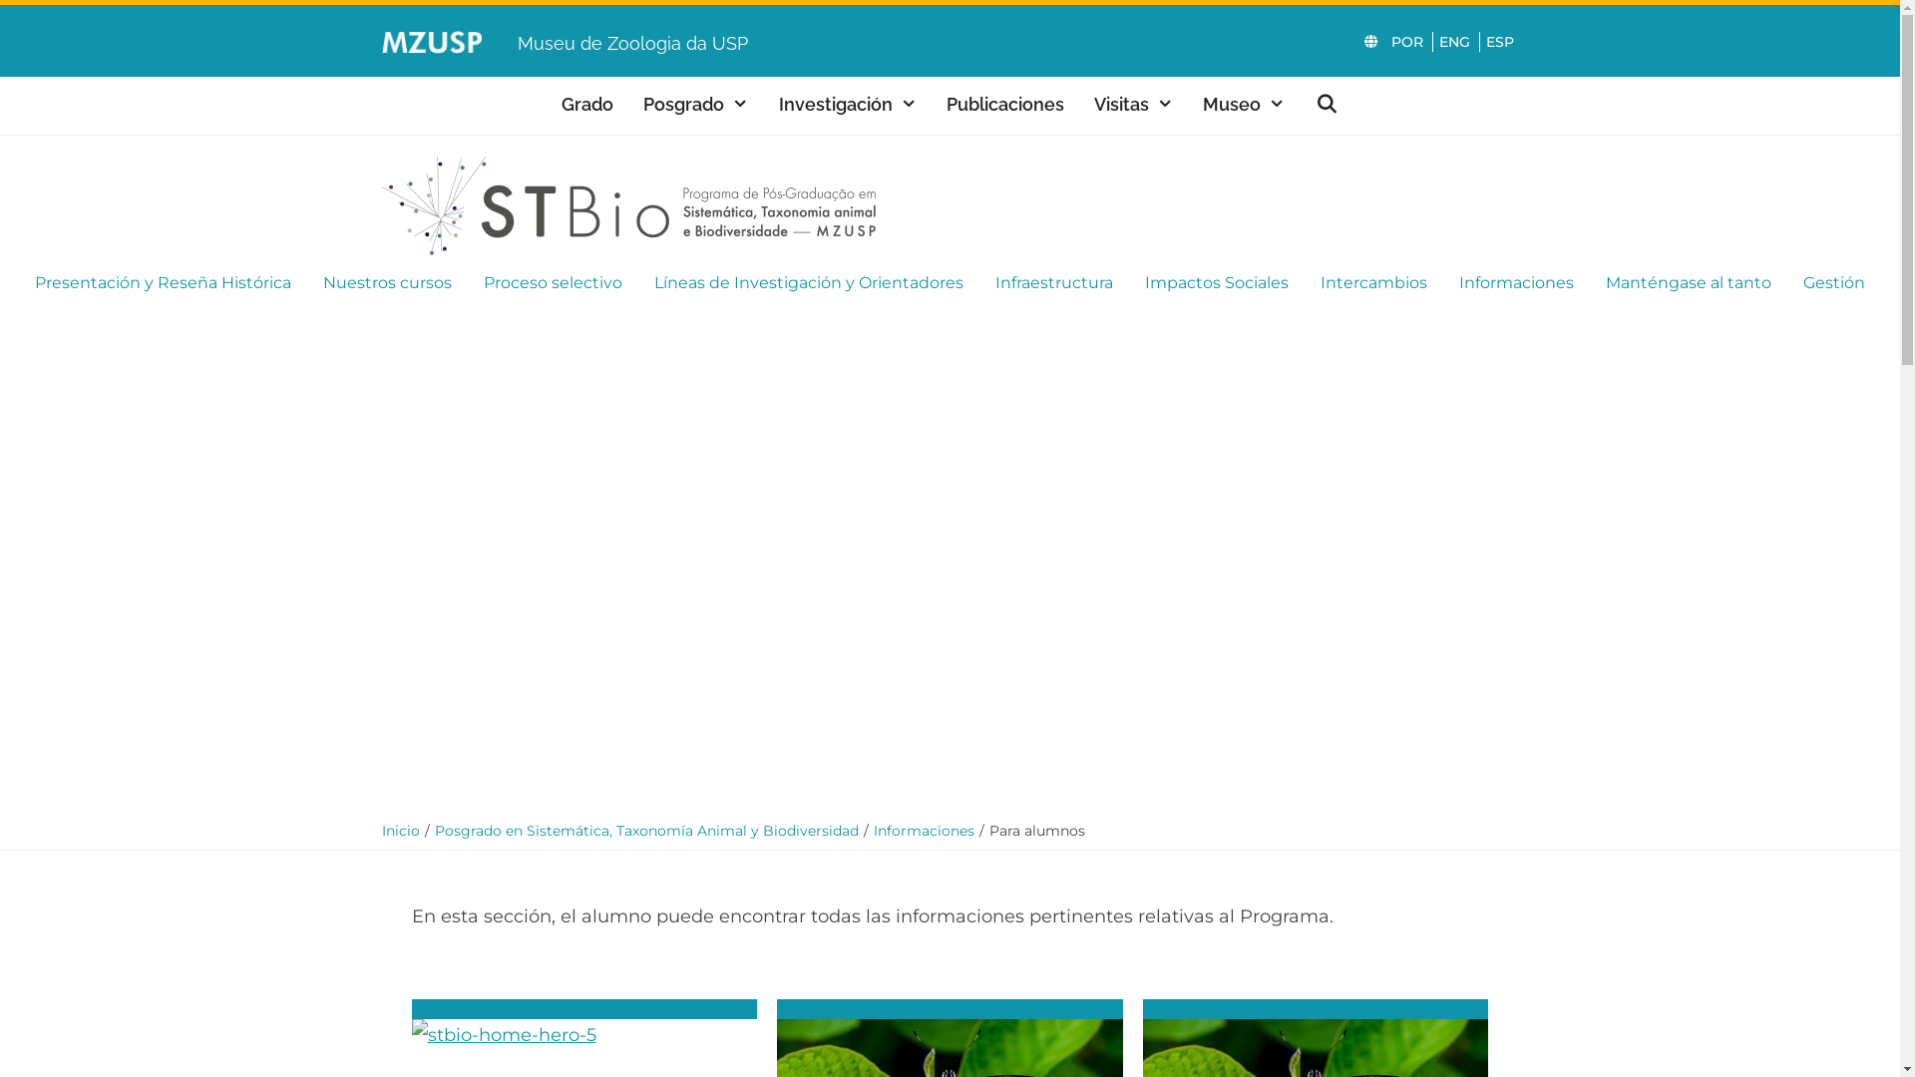  Describe the element at coordinates (387, 283) in the screenshot. I see `'Nuestros cursos'` at that location.